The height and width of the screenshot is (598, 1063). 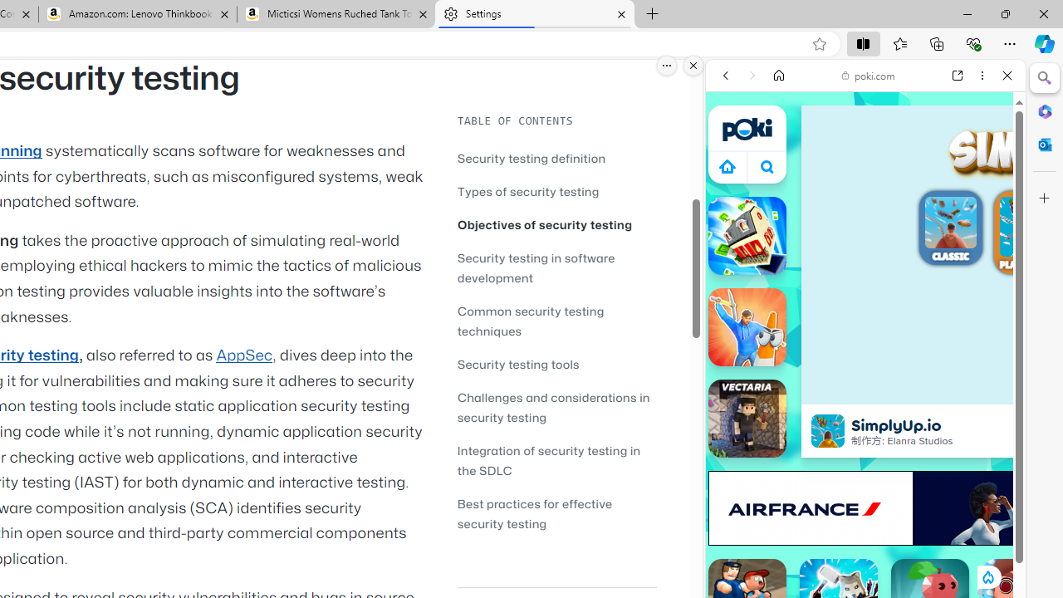 I want to click on 'Best practices for effective security testing', so click(x=535, y=512).